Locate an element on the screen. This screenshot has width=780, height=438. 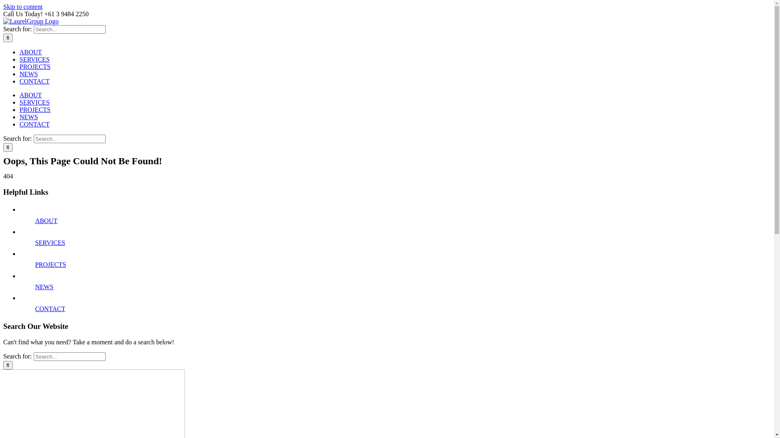
'NEWS' is located at coordinates (43, 286).